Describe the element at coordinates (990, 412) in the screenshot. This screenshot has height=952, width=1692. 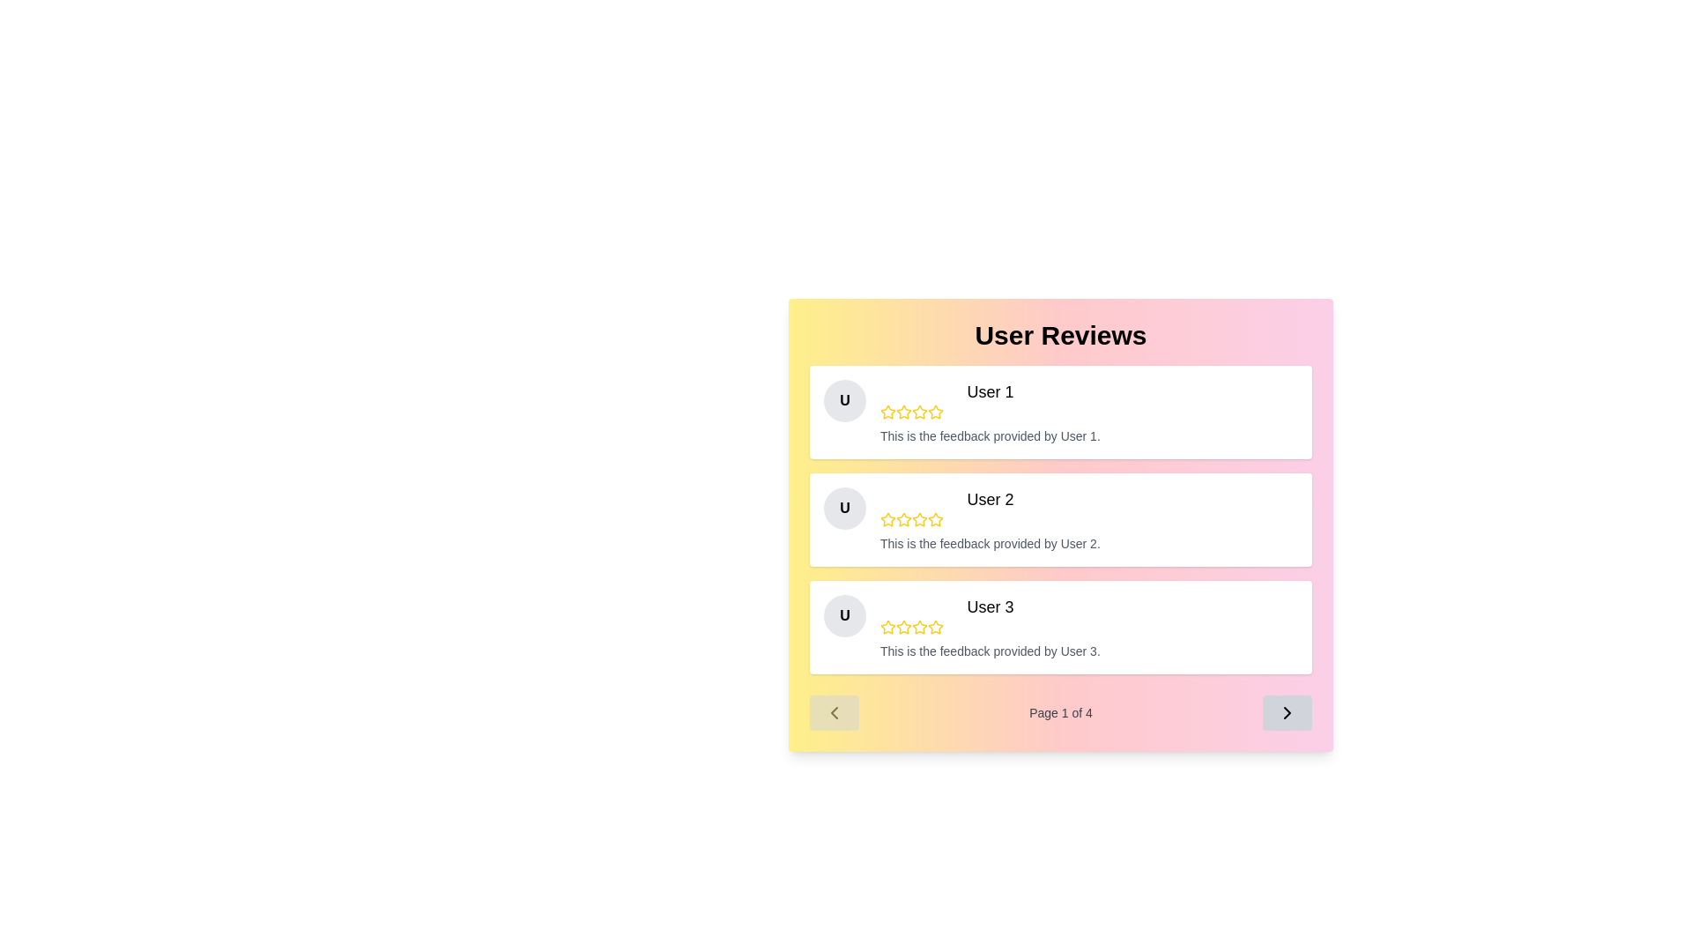
I see `the second star in the rating stars located under the title 'User 1' to assign a rating` at that location.